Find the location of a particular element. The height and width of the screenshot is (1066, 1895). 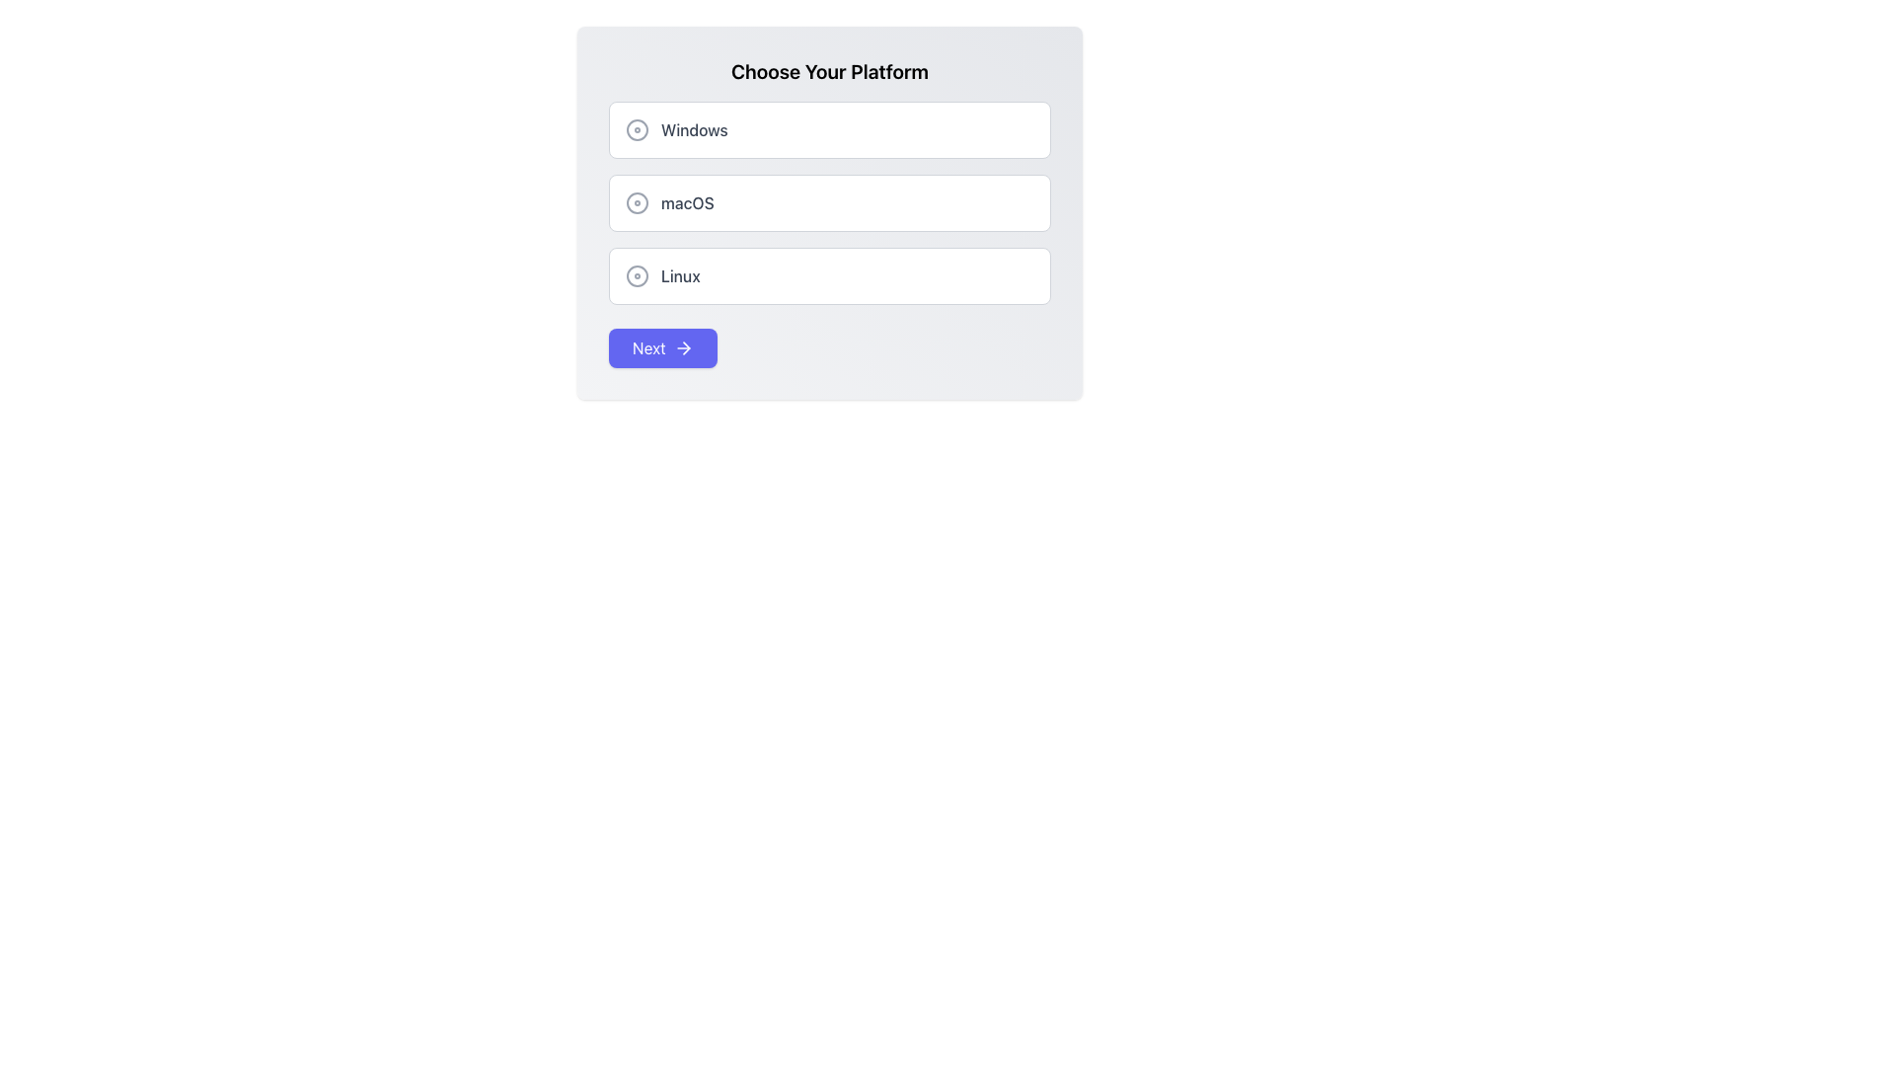

the SVG Icon (Arrow) located to the right side of the 'Next' button, which serves as an indicator for proceeding to the next step is located at coordinates (686, 347).